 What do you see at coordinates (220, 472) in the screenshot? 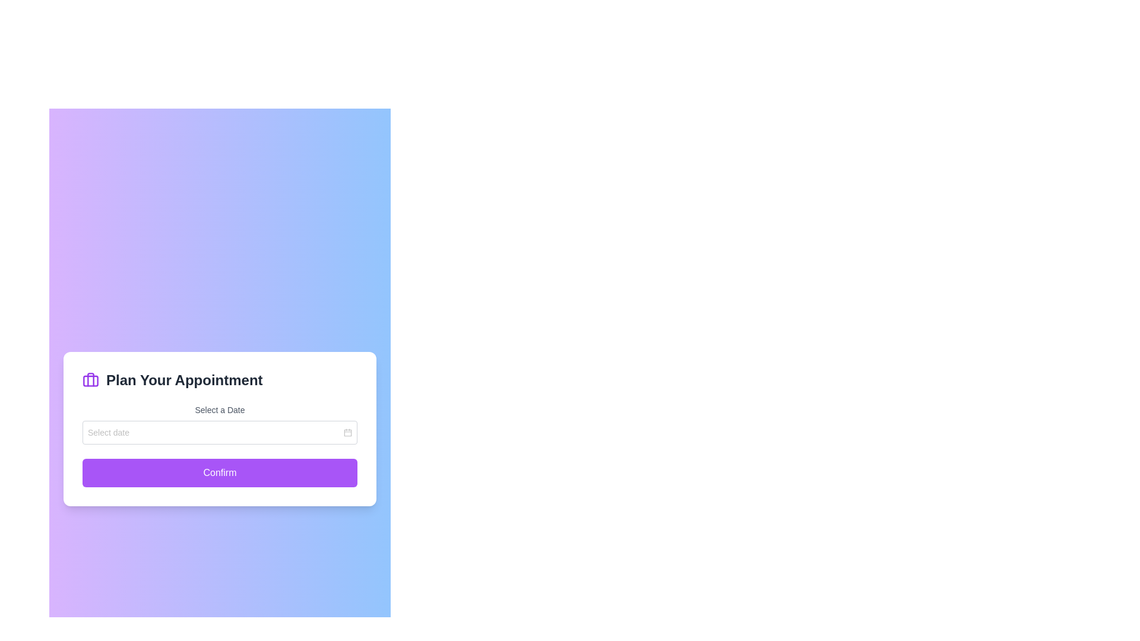
I see `keyboard navigation` at bounding box center [220, 472].